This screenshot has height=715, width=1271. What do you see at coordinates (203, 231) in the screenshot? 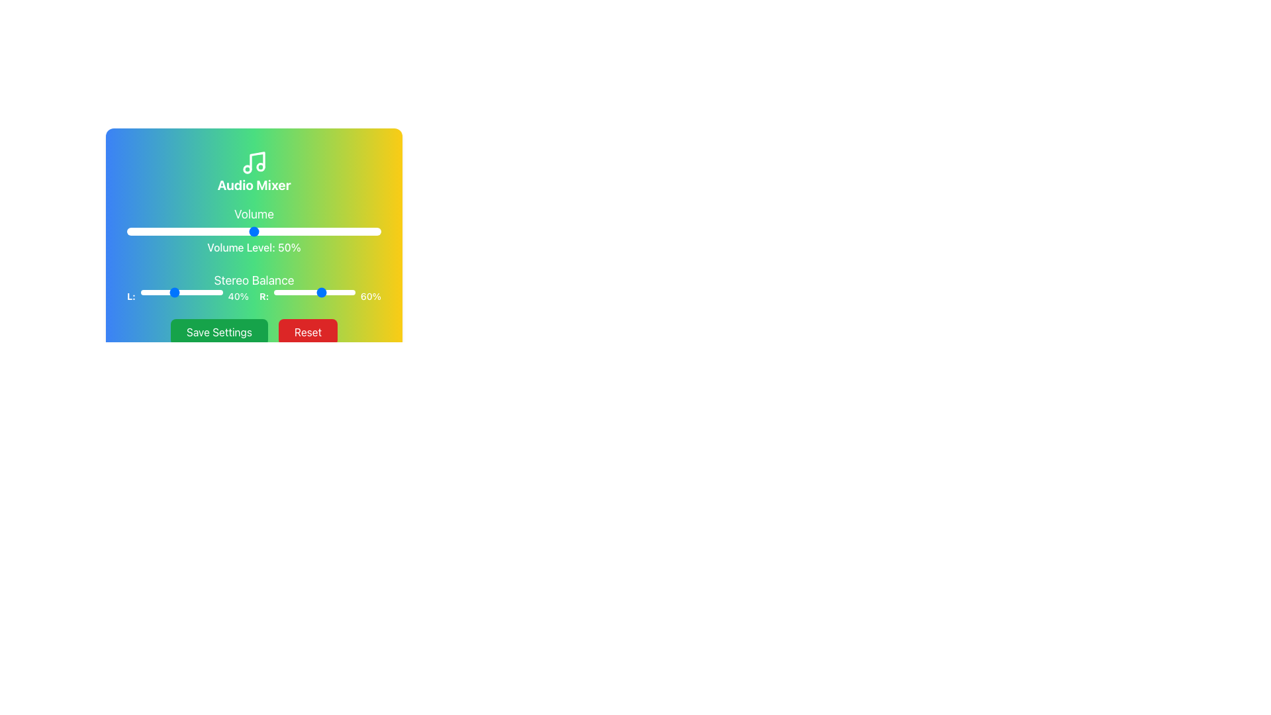
I see `the volume slider` at bounding box center [203, 231].